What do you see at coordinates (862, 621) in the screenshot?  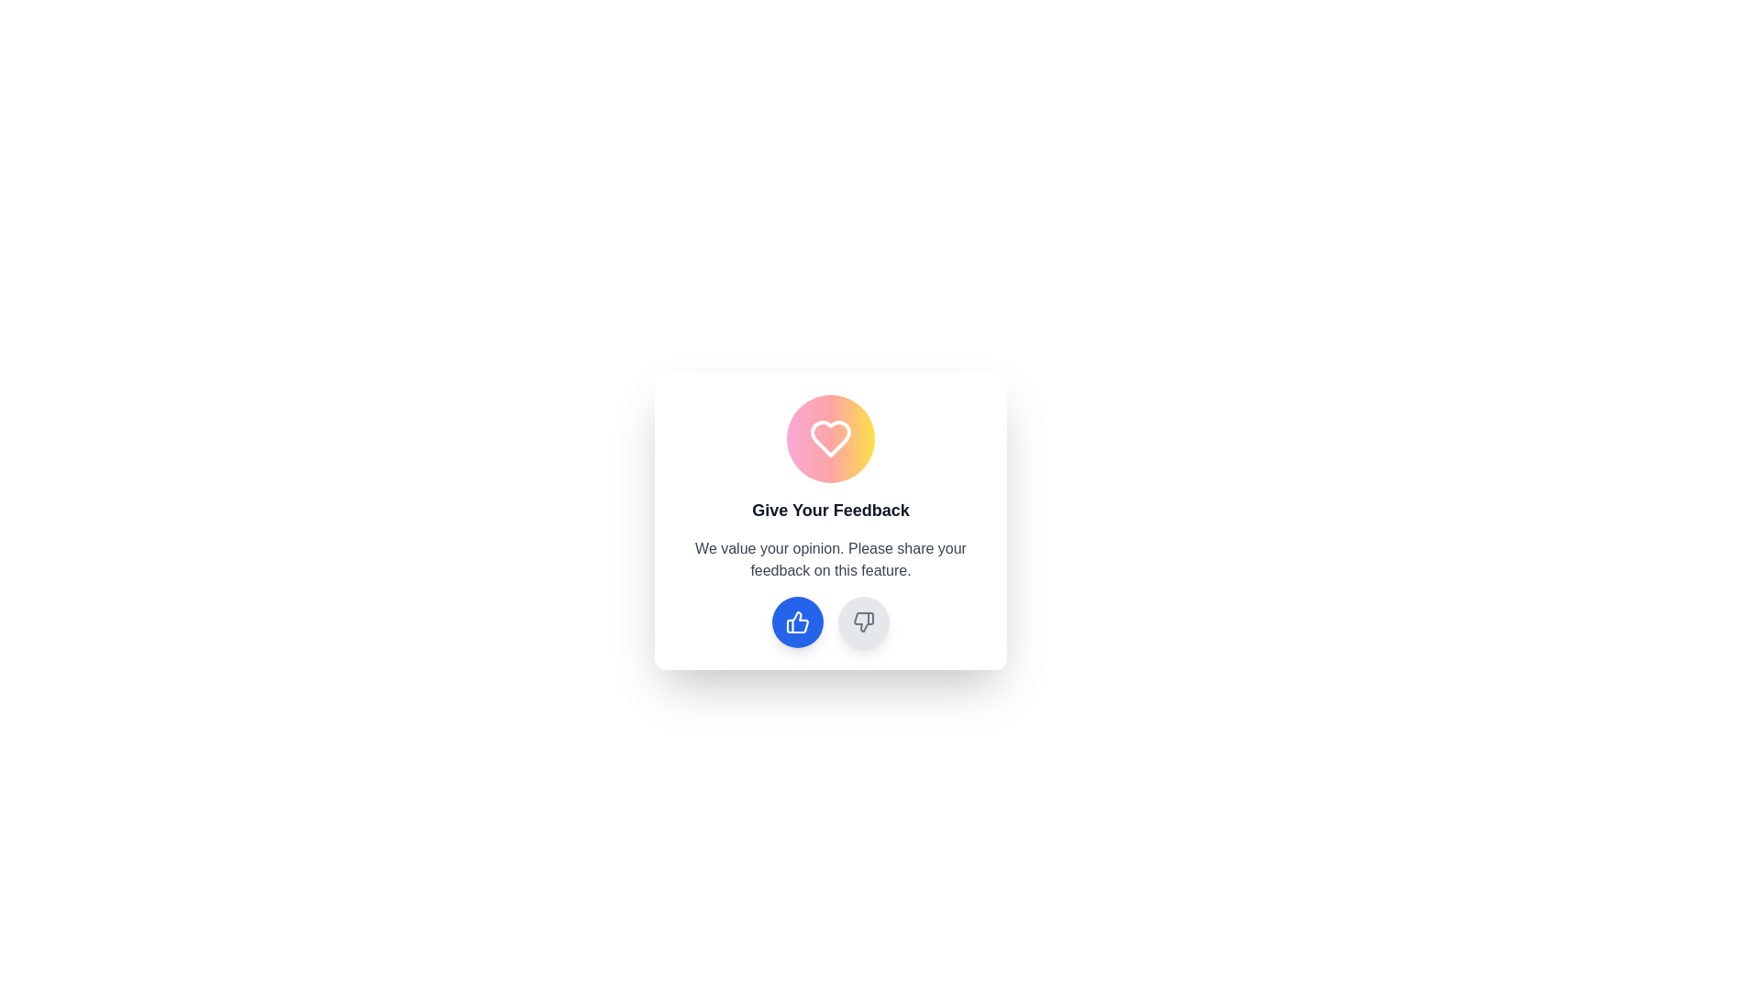 I see `the negative feedback button located to the right of the thumbs-up button in the feedback form` at bounding box center [862, 621].